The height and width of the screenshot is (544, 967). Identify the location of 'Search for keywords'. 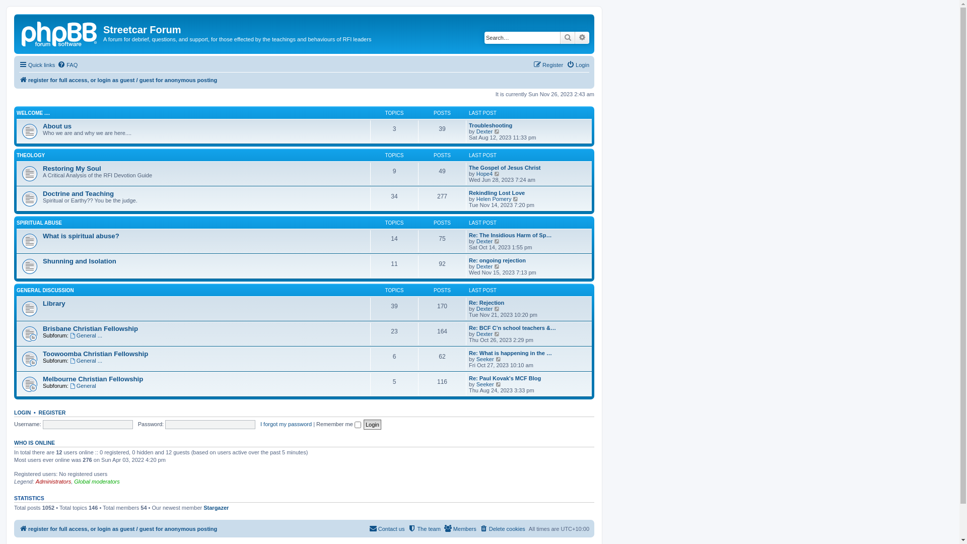
(484, 37).